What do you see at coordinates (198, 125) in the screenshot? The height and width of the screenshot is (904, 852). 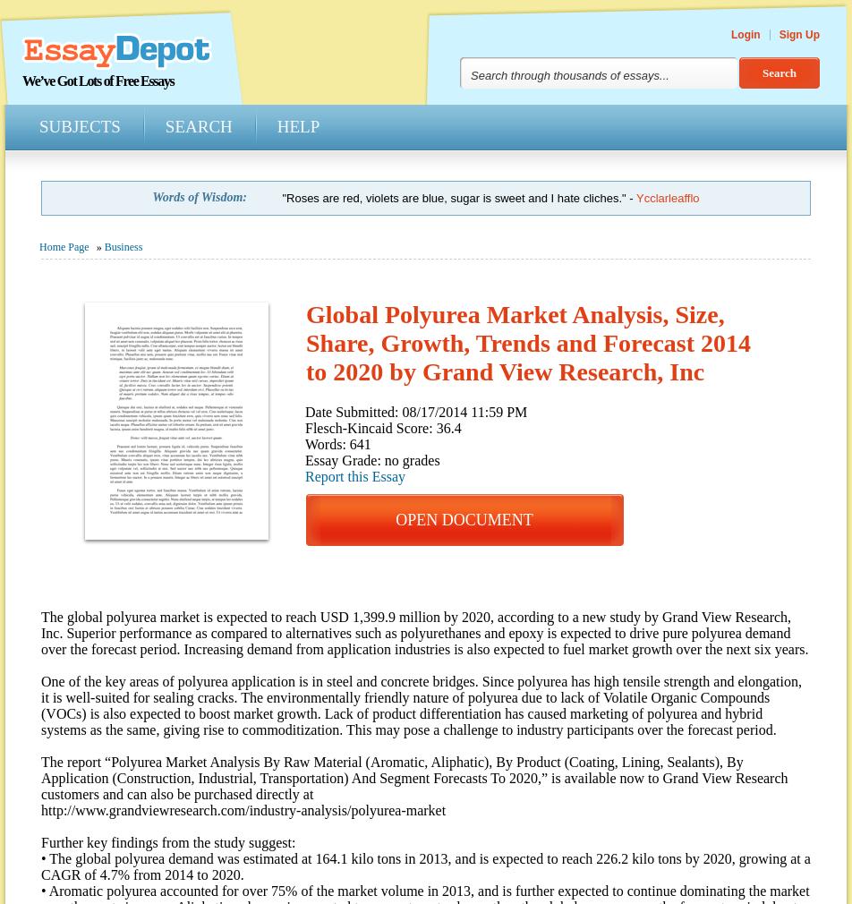 I see `'Search'` at bounding box center [198, 125].